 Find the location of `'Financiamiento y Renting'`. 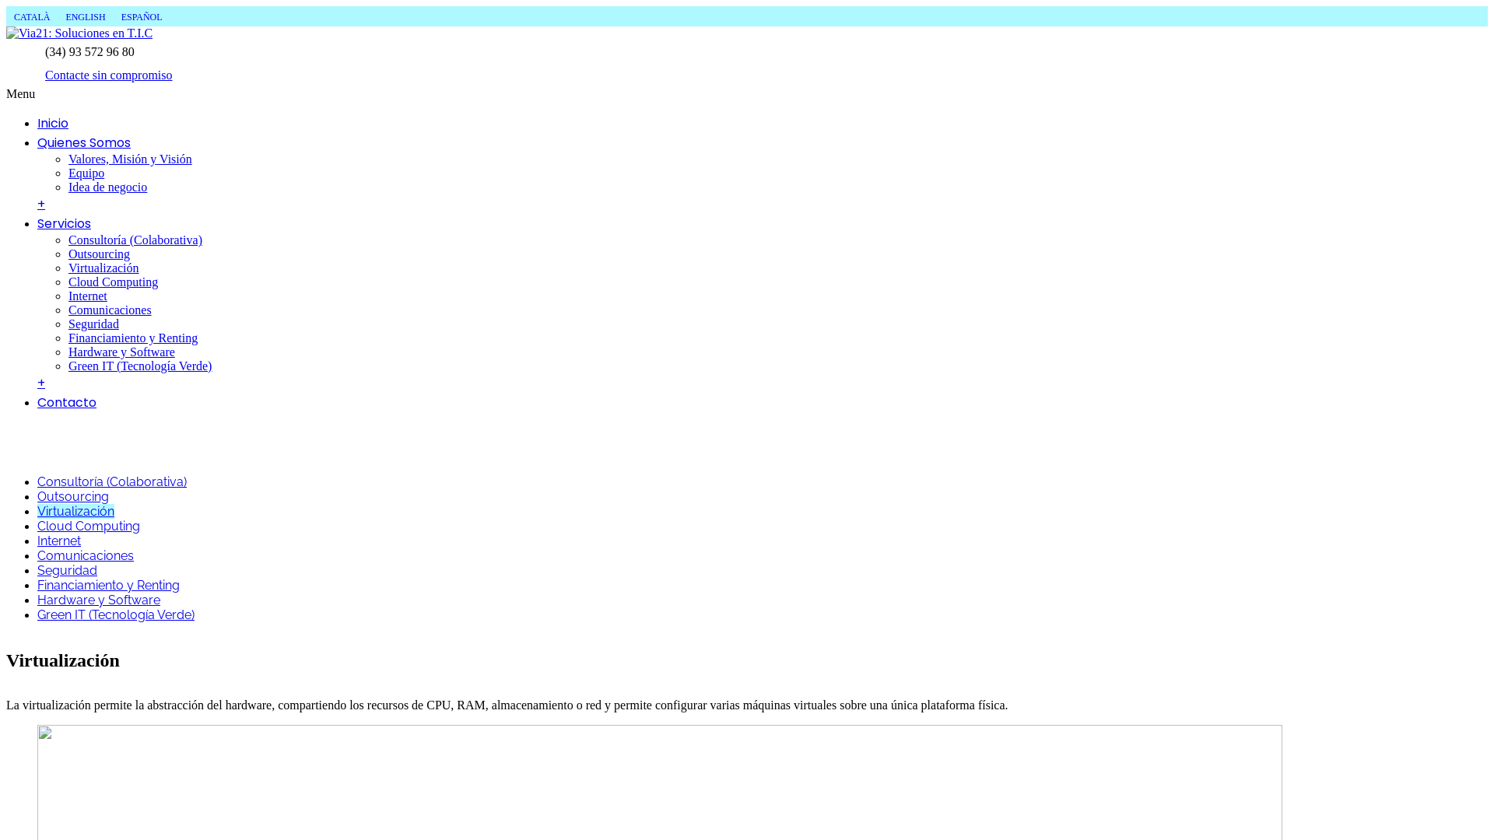

'Financiamiento y Renting' is located at coordinates (107, 585).